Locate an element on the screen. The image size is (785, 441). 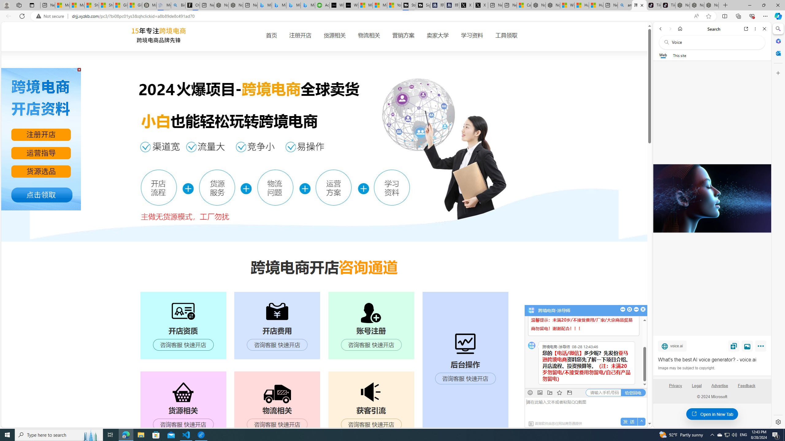
'Chloe Sorvino' is located at coordinates (192, 5).